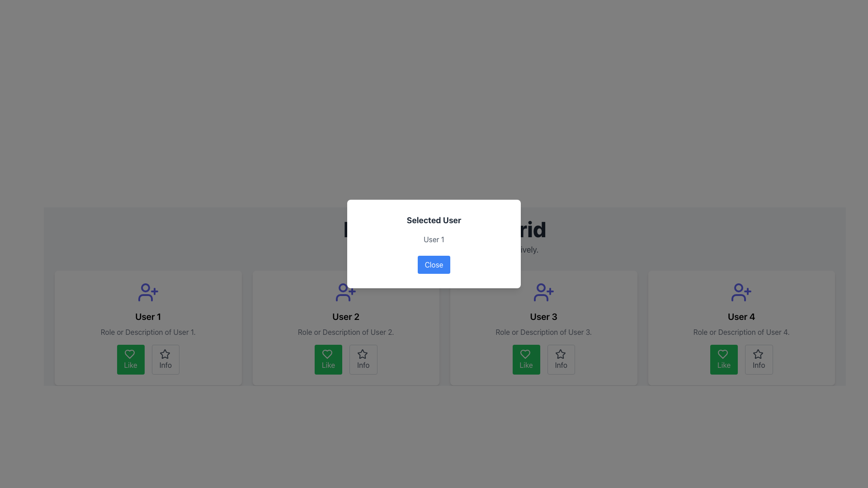 The width and height of the screenshot is (868, 488). What do you see at coordinates (541, 287) in the screenshot?
I see `the dark filled circular shape which is the head of the user icon for 'User 3', positioned above the label 'User 3'` at bounding box center [541, 287].